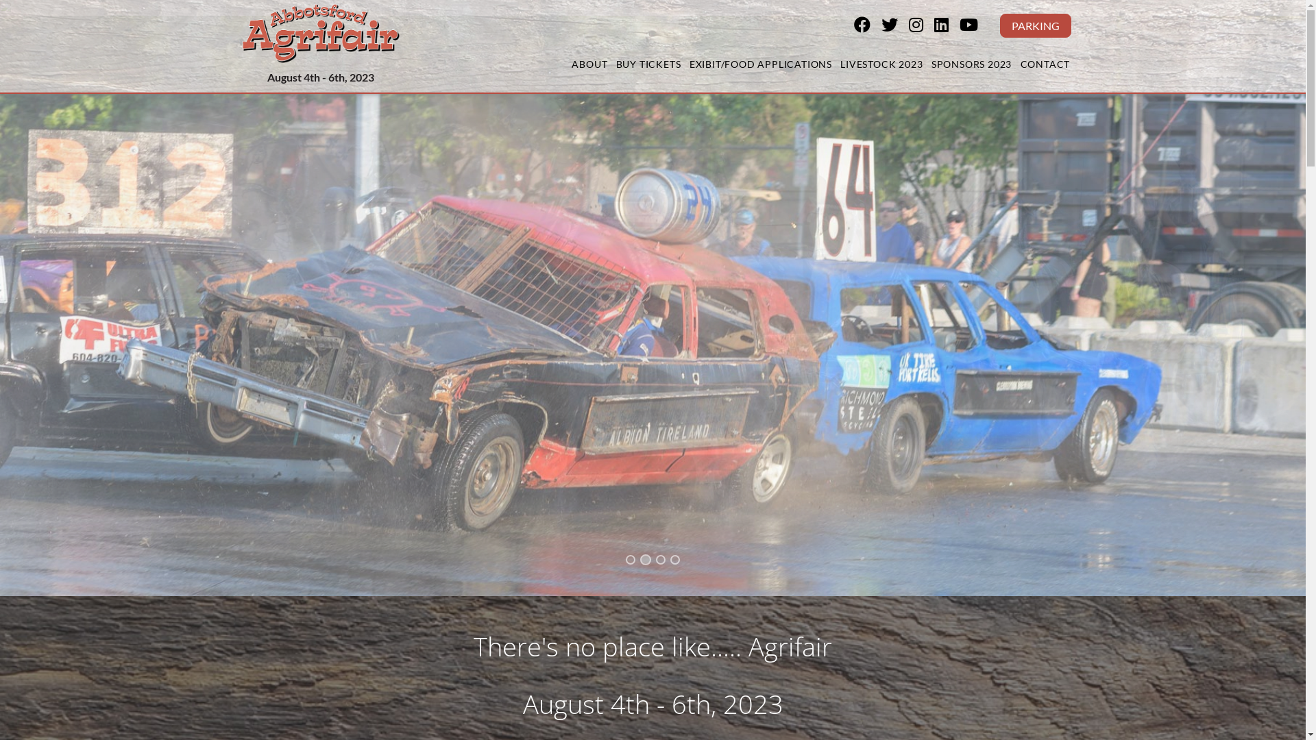 The height and width of the screenshot is (740, 1316). What do you see at coordinates (319, 32) in the screenshot?
I see `'Abbotsford Agrifair - Home'` at bounding box center [319, 32].